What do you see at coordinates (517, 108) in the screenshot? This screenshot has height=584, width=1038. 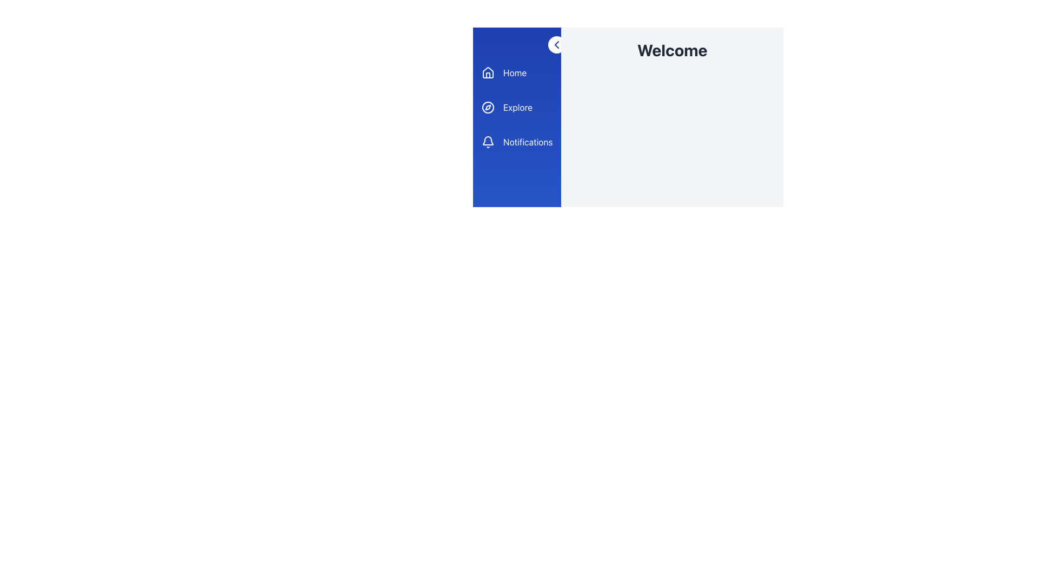 I see `the 'Explore' label which displays white text on a blue background, located in the vertical navigation menu between 'Home' and 'Notifications'` at bounding box center [517, 108].